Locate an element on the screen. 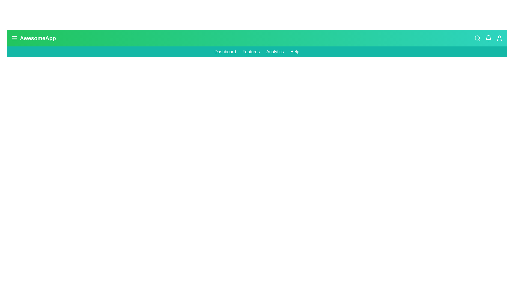 The width and height of the screenshot is (524, 295). the menu toggle button to toggle the navigation menu visibility is located at coordinates (14, 38).